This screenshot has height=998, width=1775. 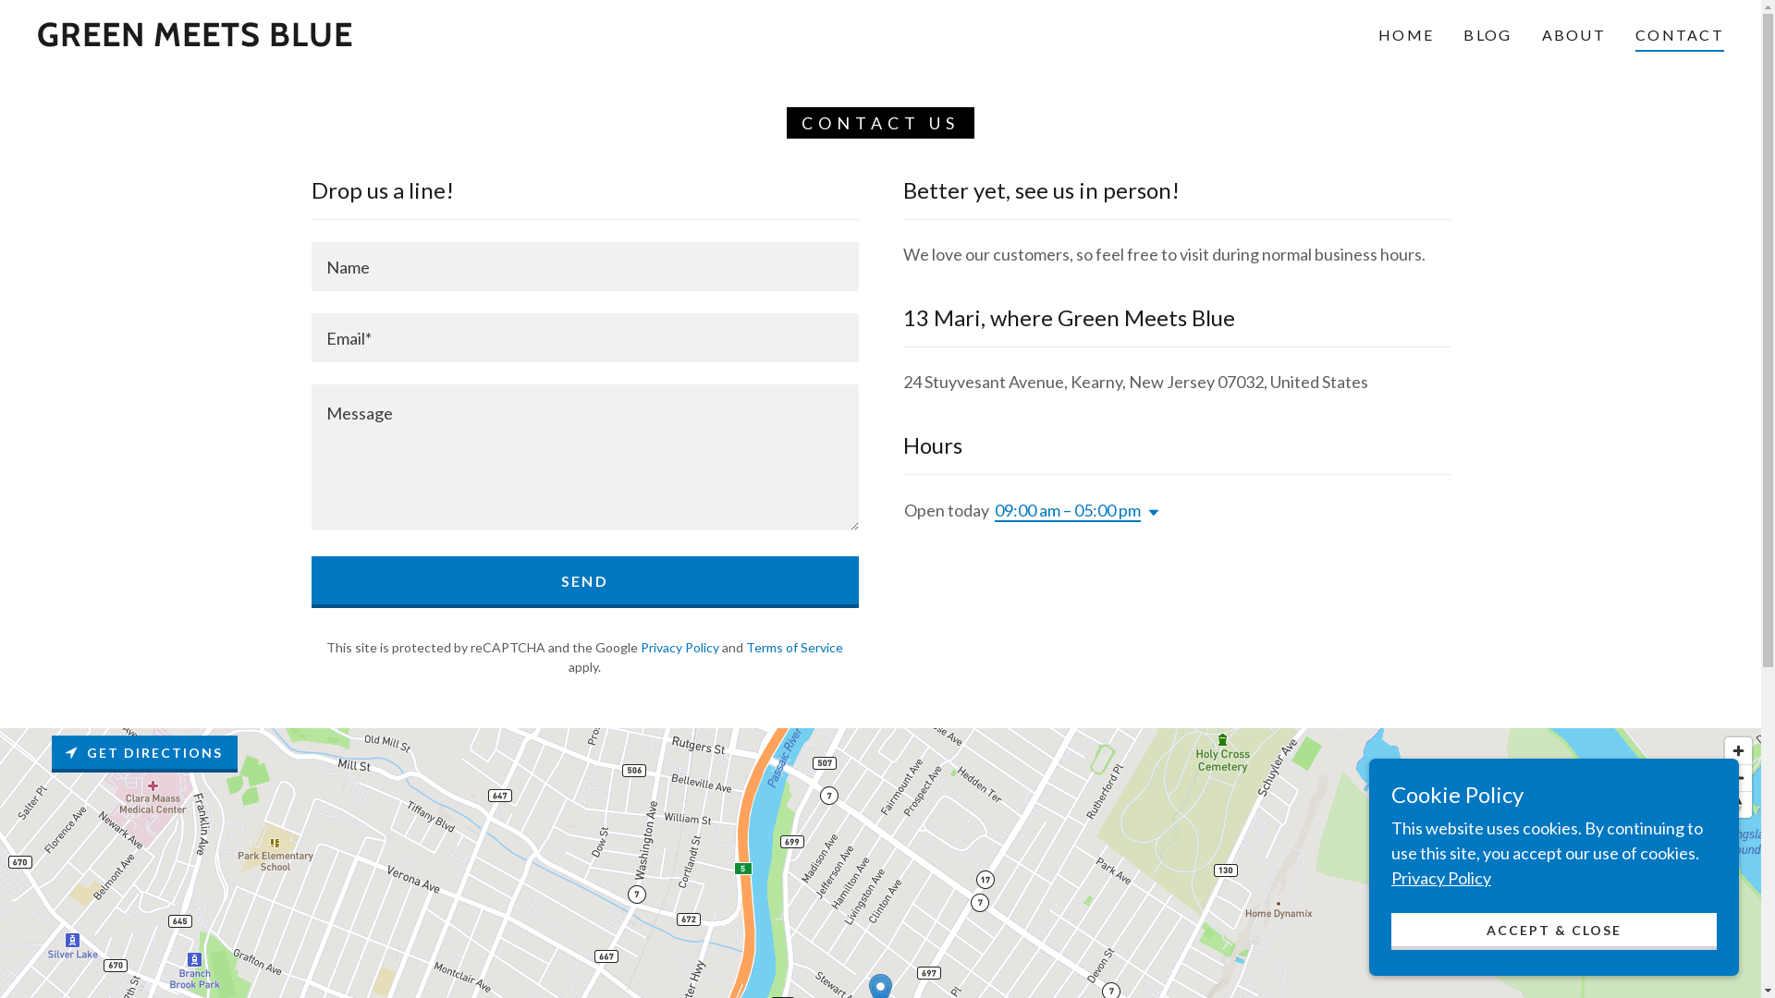 I want to click on 'Reset bearing to north', so click(x=1737, y=804).